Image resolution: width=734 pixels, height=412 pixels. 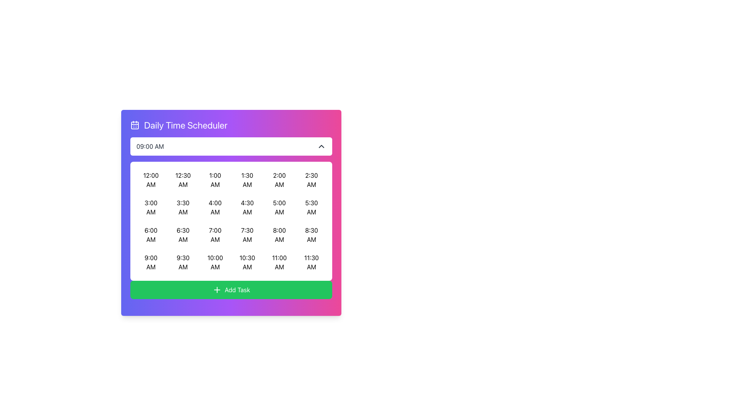 What do you see at coordinates (151, 207) in the screenshot?
I see `the button in the second row, first column of the time slot grid` at bounding box center [151, 207].